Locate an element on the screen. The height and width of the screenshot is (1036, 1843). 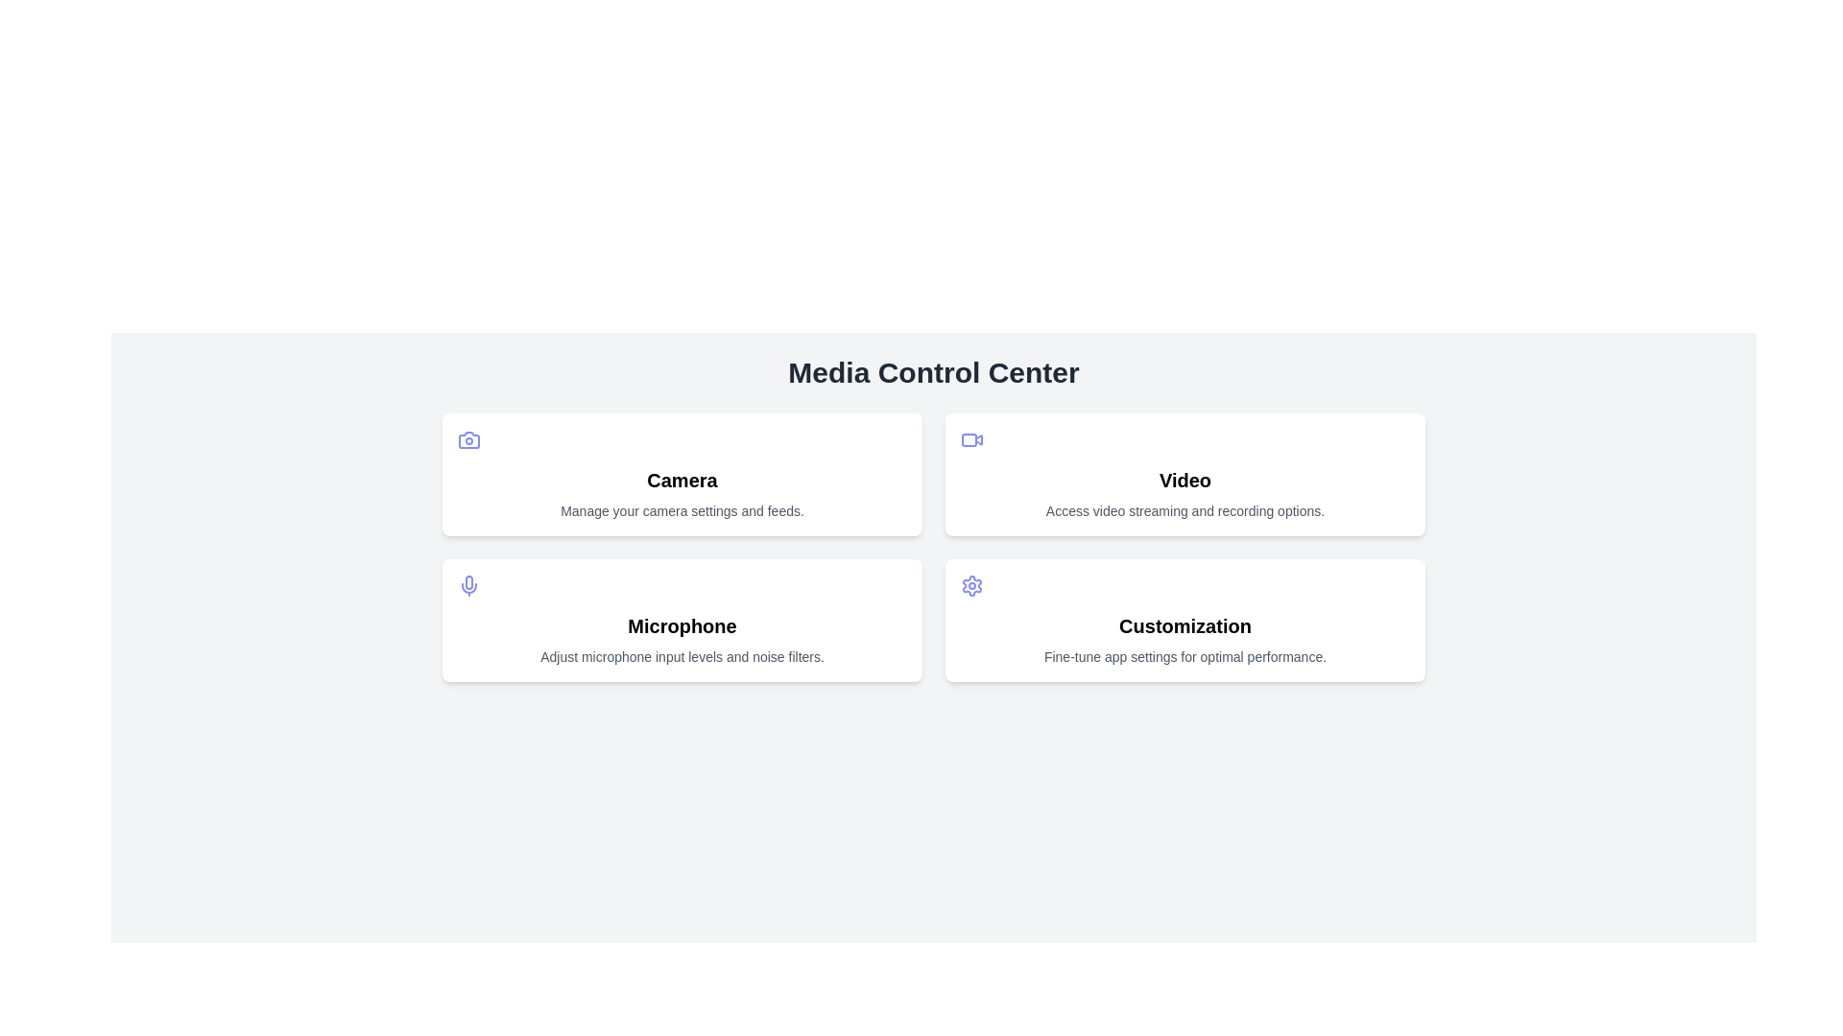
bold header text label in the top-right card of the four-card grid layout that indicates its purpose related to video functionalities is located at coordinates (1184, 480).